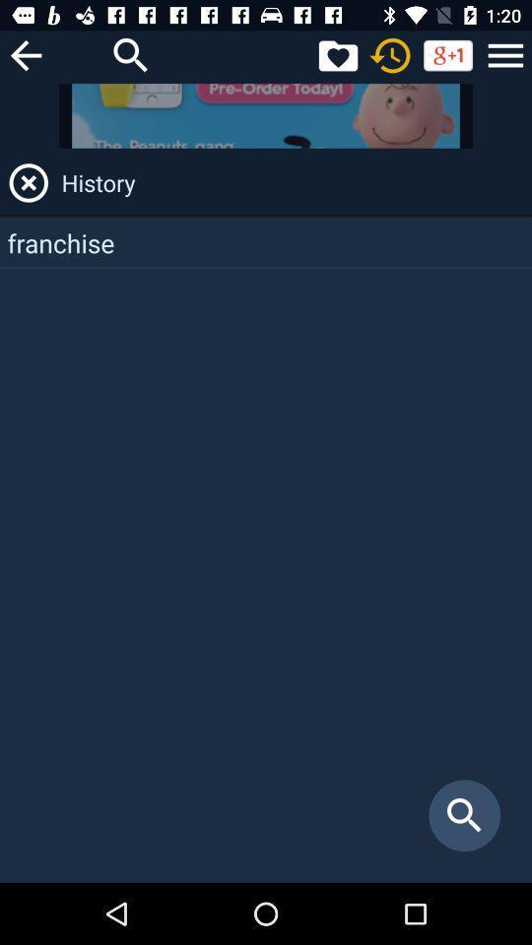 Image resolution: width=532 pixels, height=945 pixels. What do you see at coordinates (266, 241) in the screenshot?
I see `the franchise` at bounding box center [266, 241].